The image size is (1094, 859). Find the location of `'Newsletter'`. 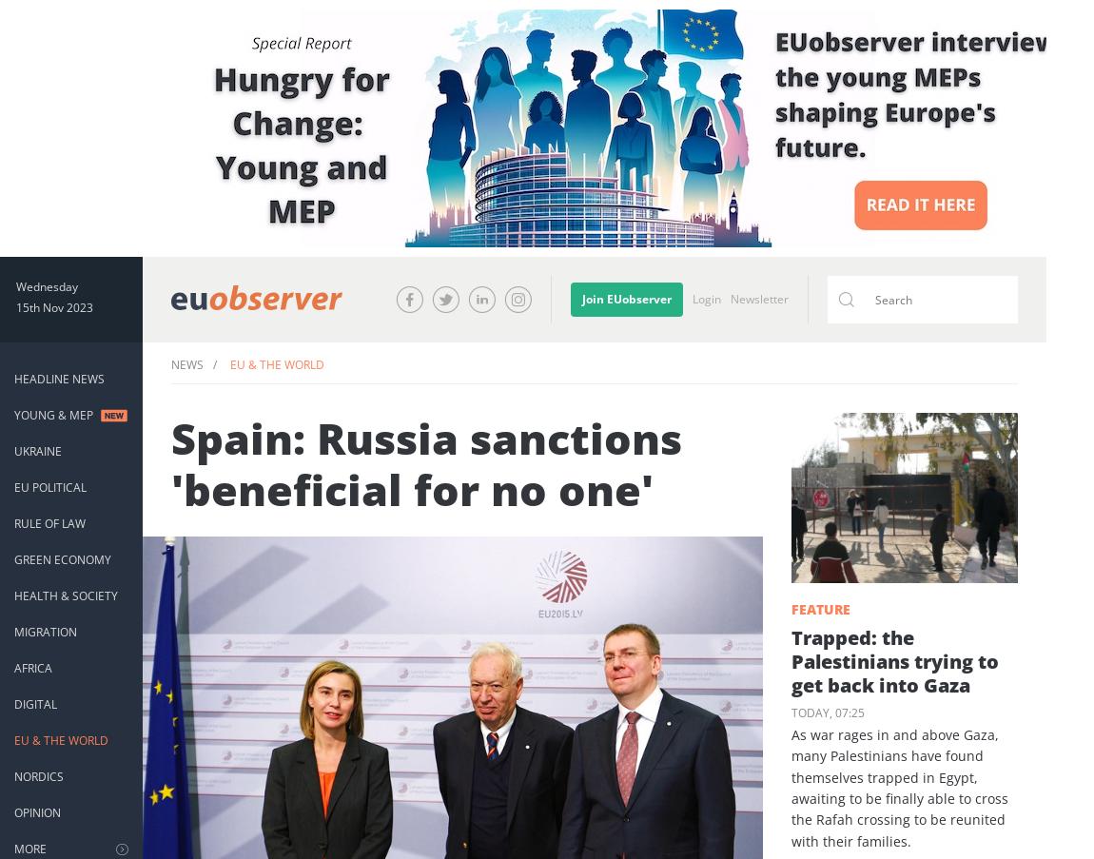

'Newsletter' is located at coordinates (758, 298).